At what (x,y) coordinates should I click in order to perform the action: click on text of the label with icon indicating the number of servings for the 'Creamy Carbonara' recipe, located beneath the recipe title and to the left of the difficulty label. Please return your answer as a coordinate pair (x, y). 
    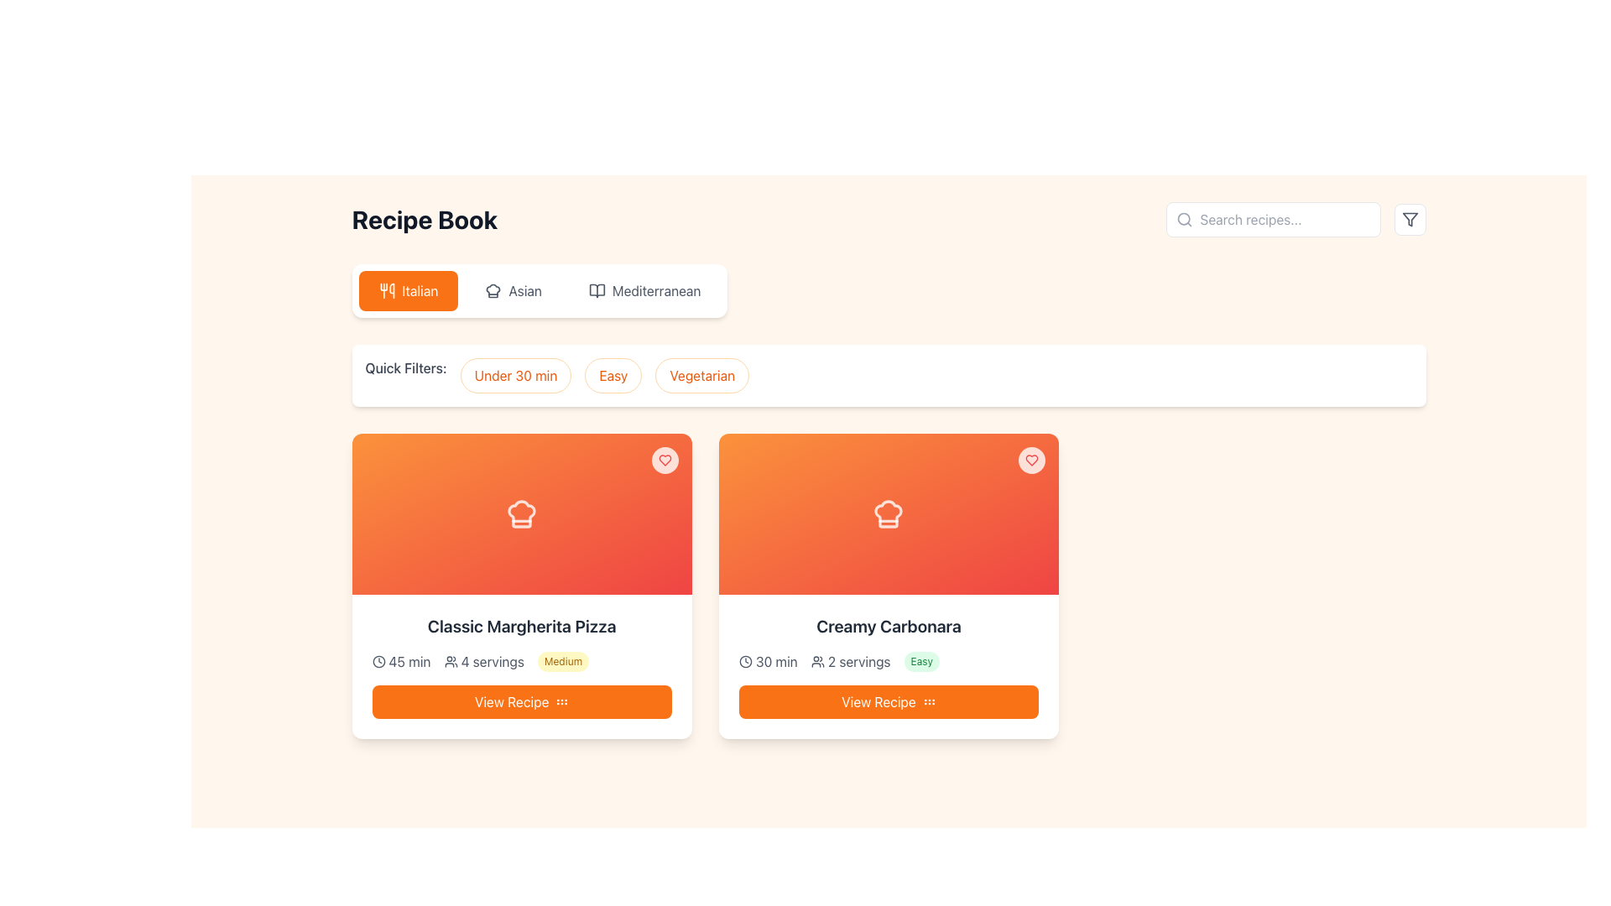
    Looking at the image, I should click on (851, 661).